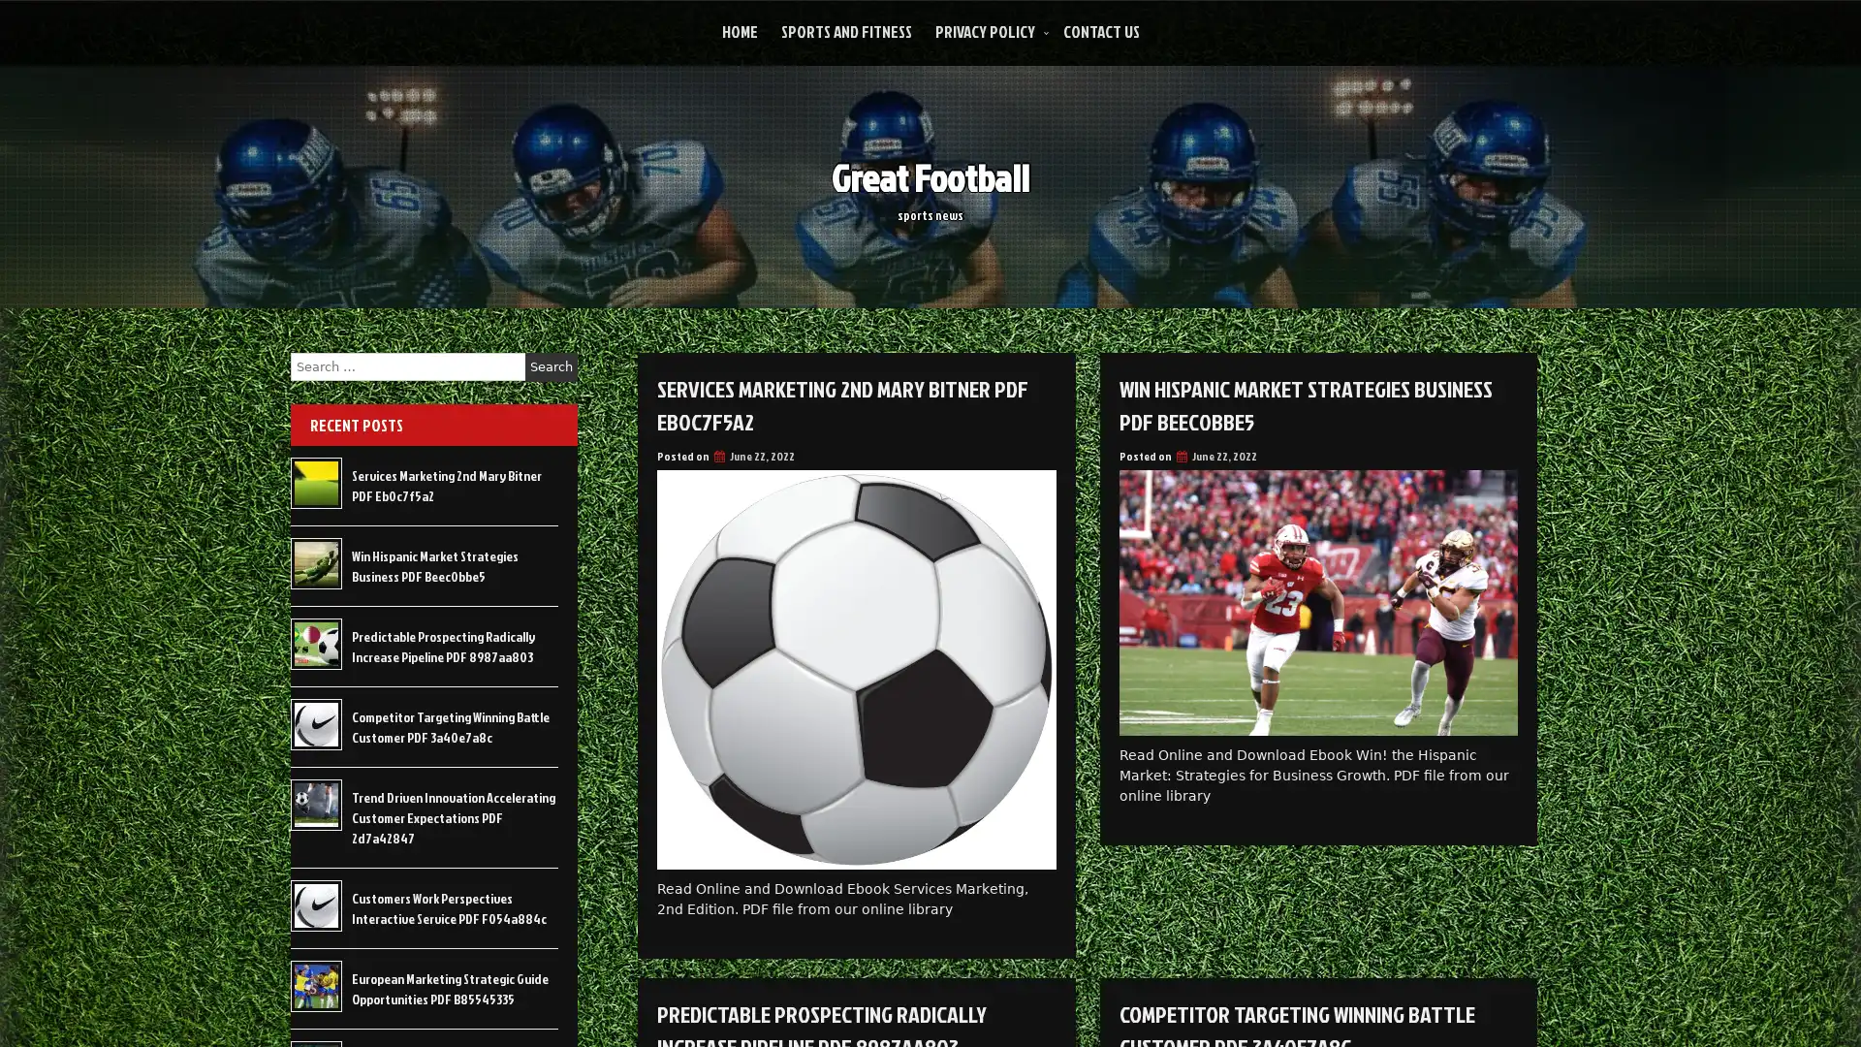 This screenshot has width=1861, height=1047. What do you see at coordinates (551, 366) in the screenshot?
I see `Search` at bounding box center [551, 366].